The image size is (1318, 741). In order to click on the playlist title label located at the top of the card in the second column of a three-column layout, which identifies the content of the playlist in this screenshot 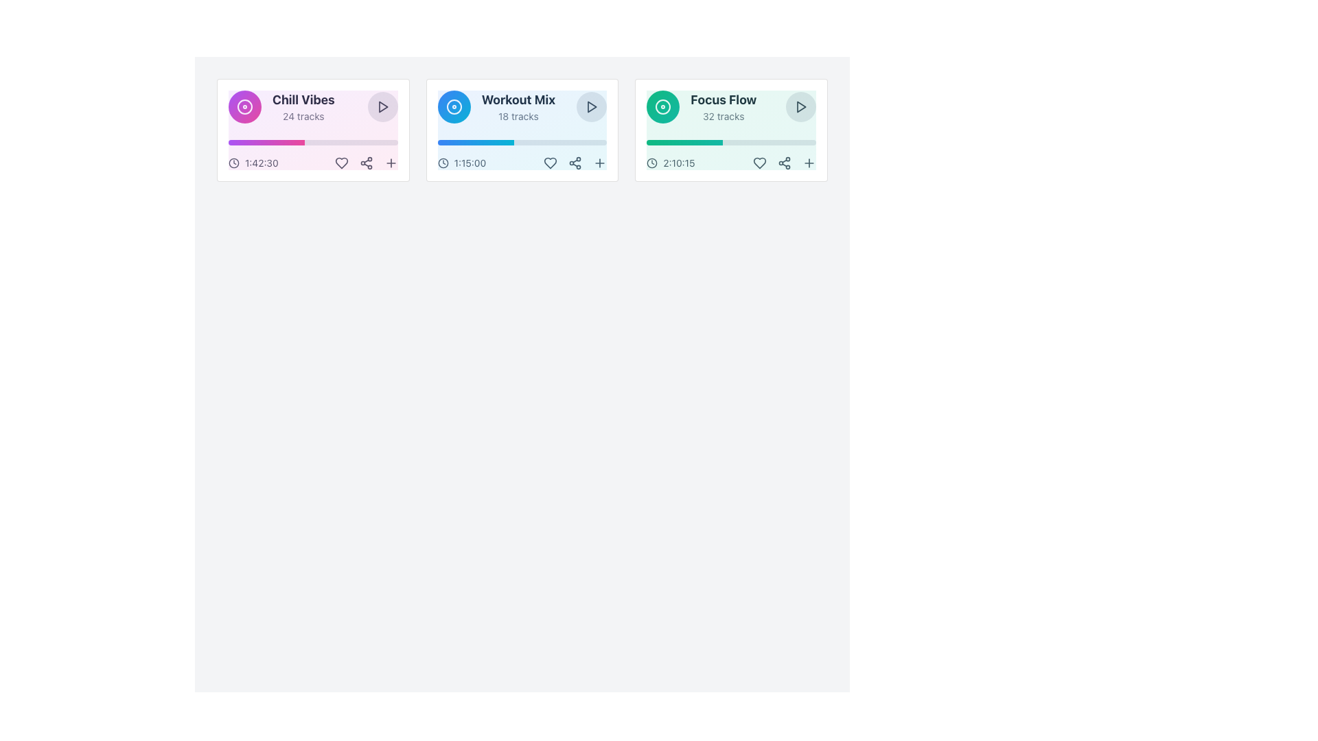, I will do `click(518, 99)`.